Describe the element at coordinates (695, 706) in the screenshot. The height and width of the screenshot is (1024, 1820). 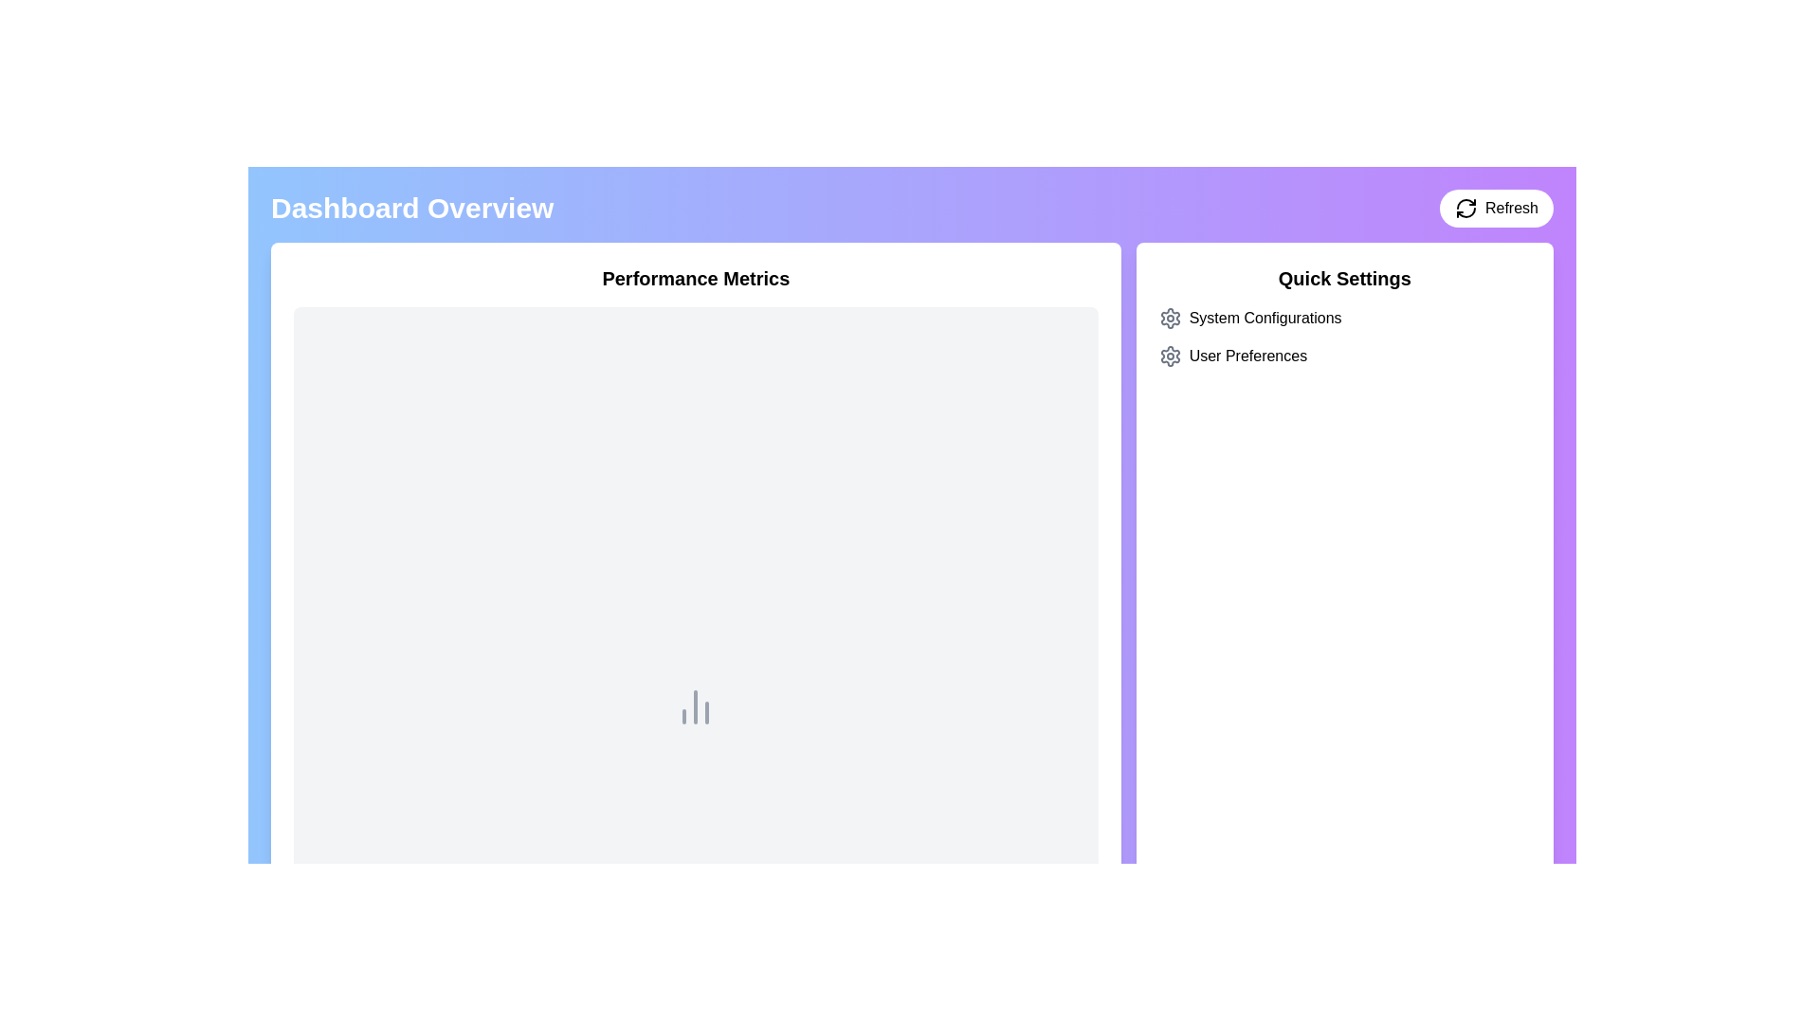
I see `the small bar chart icon located in the 'Performance Metrics' section of the interface` at that location.